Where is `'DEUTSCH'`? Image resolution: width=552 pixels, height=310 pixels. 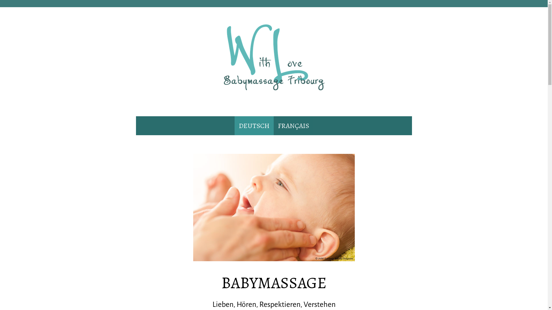 'DEUTSCH' is located at coordinates (235, 125).